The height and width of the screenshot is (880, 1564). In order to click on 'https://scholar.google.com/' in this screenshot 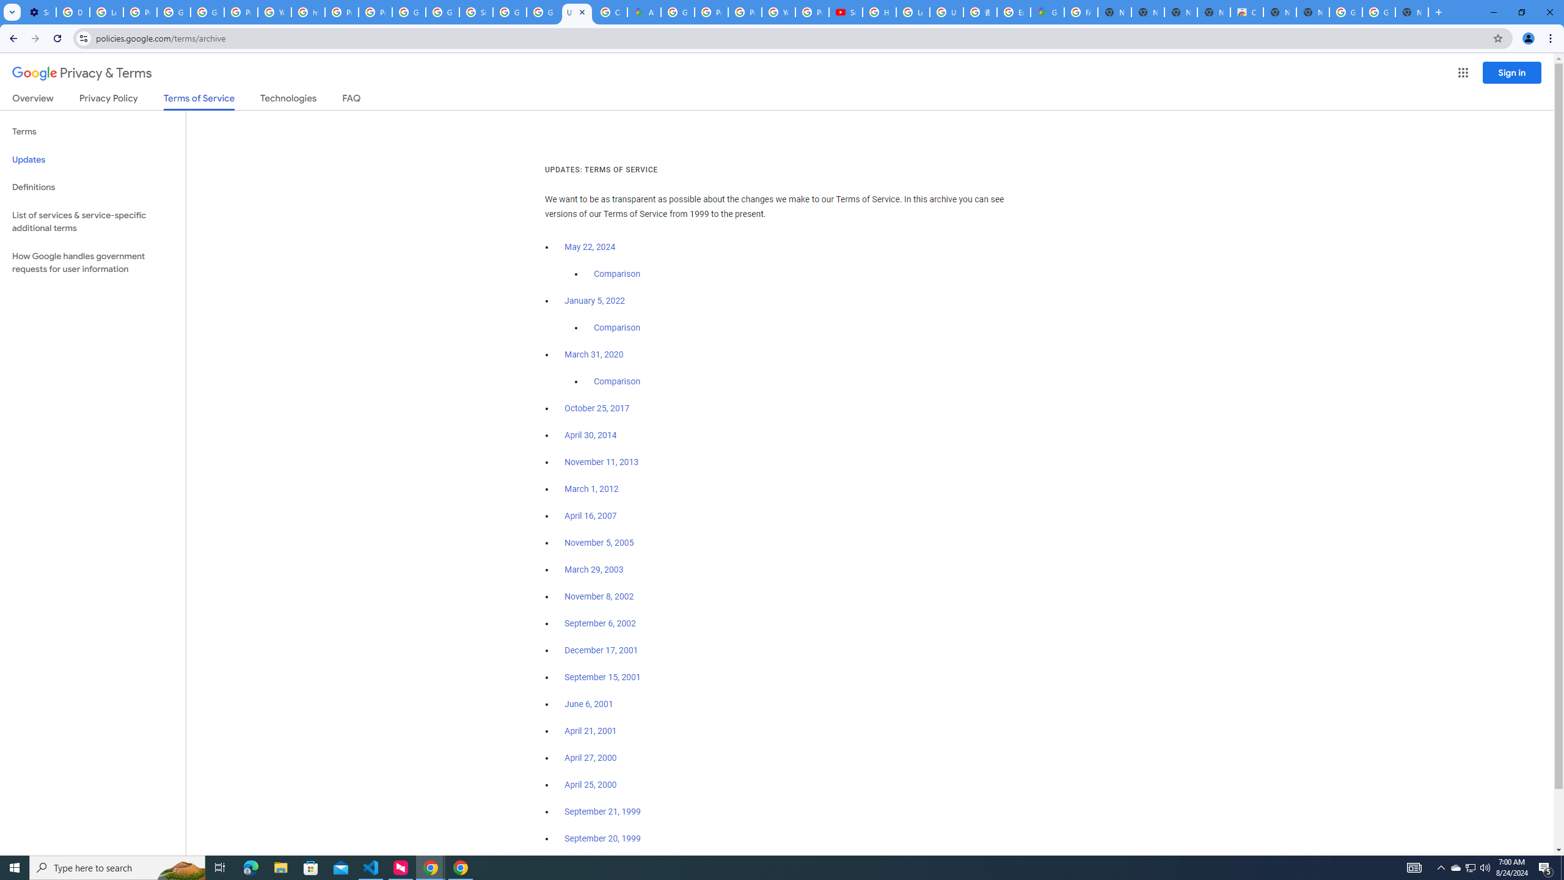, I will do `click(308, 12)`.